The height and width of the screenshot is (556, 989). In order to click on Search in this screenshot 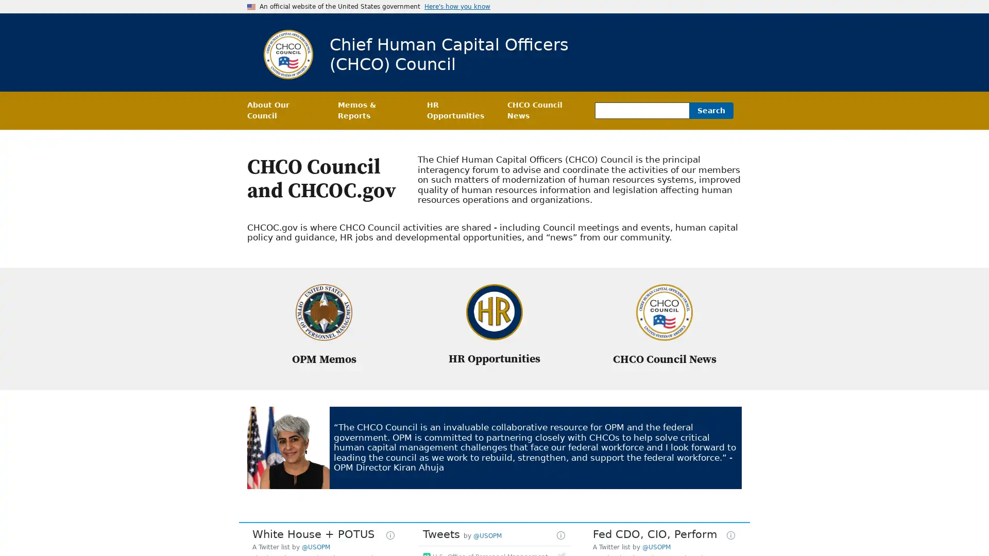, I will do `click(711, 111)`.